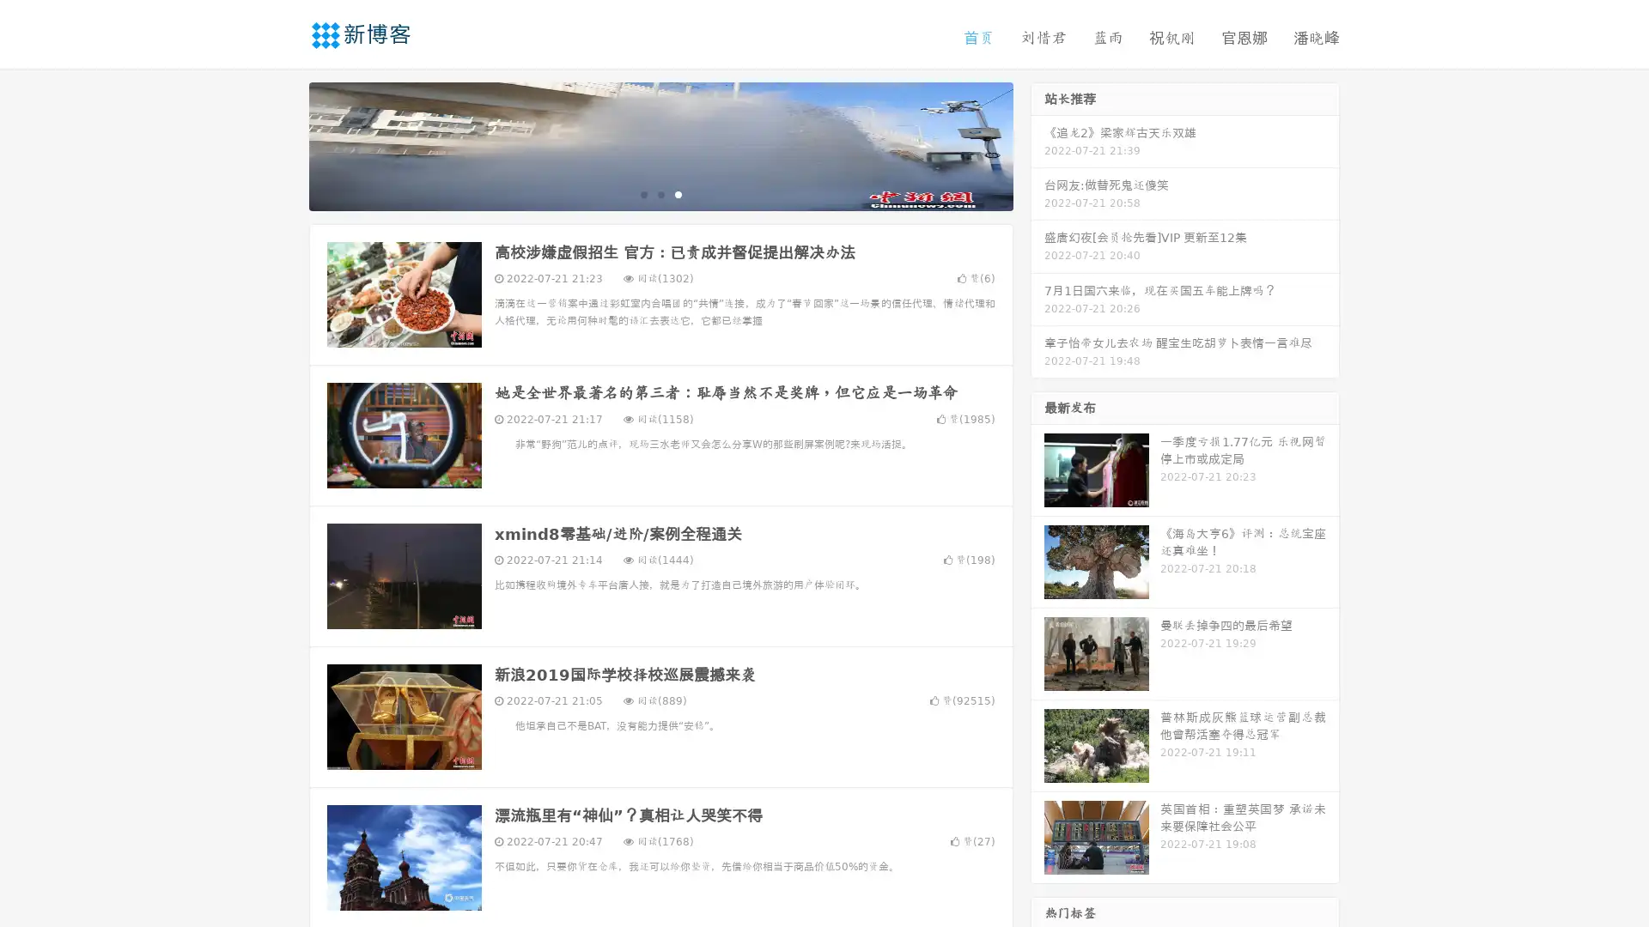 This screenshot has height=927, width=1649. What do you see at coordinates (283, 144) in the screenshot?
I see `Previous slide` at bounding box center [283, 144].